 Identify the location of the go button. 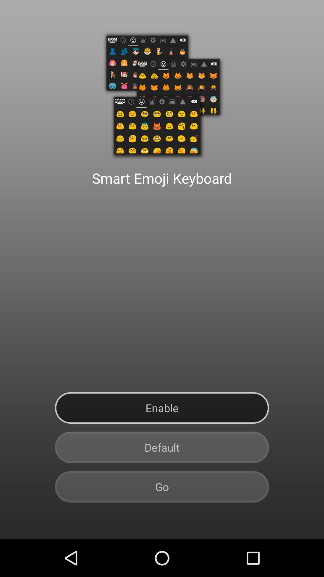
(162, 487).